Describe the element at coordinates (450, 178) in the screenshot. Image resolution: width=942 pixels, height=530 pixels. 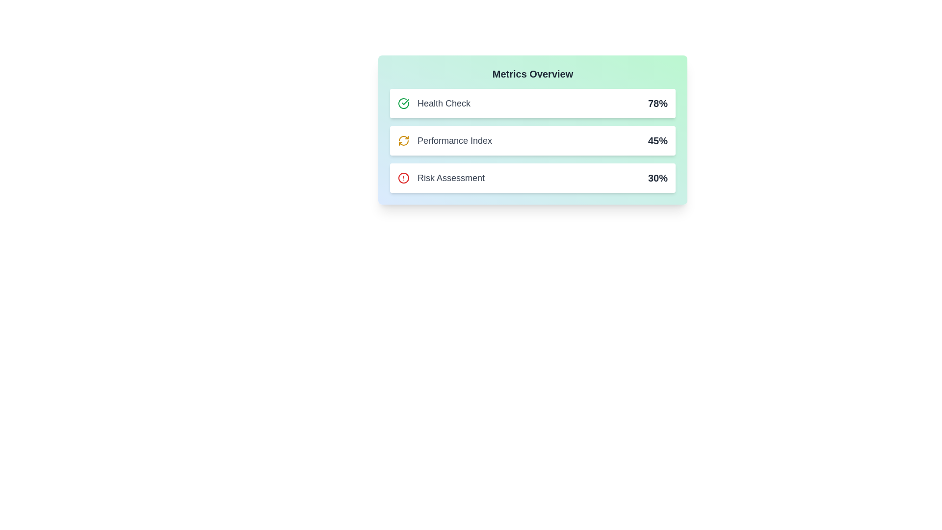
I see `the static text element that displays 'Risk Assessment', which is located in the third entry under 'Metrics Overview', aligned with a red alert icon to the left` at that location.